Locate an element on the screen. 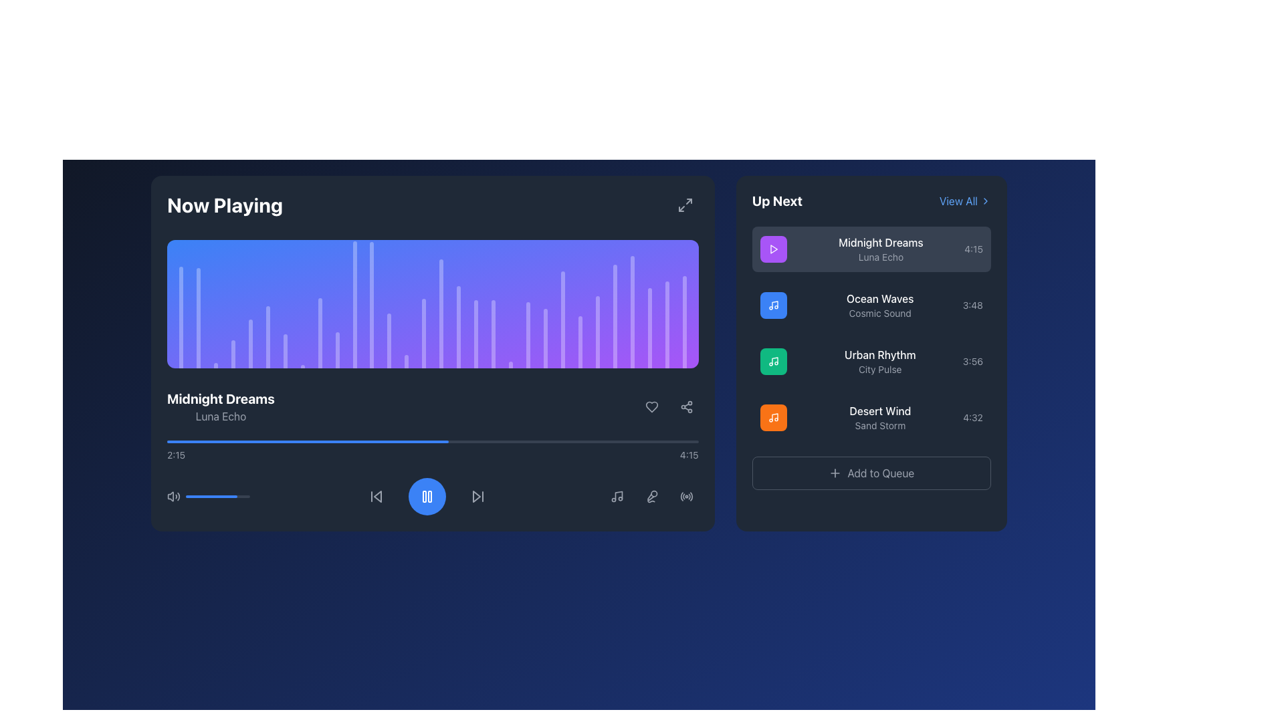 The width and height of the screenshot is (1284, 722). the 11th graphical bar in the visual spectrum, which represents amplitude or frequency levels in sync with the audio is located at coordinates (354, 305).